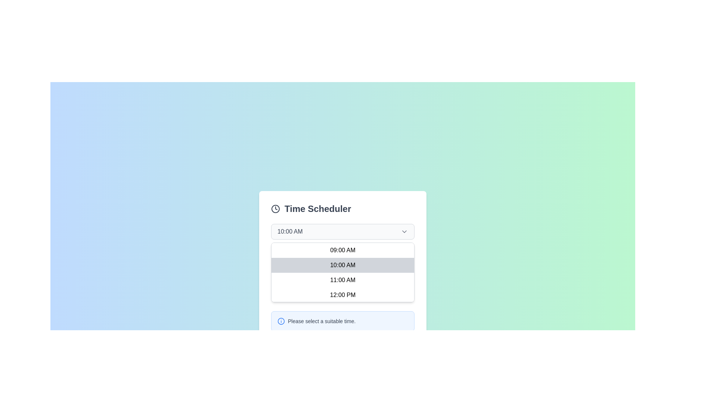 The image size is (717, 403). Describe the element at coordinates (275, 209) in the screenshot. I see `the clock icon with a circular outline and two hands, located to the left of the 'Time Scheduler' text in the header section` at that location.